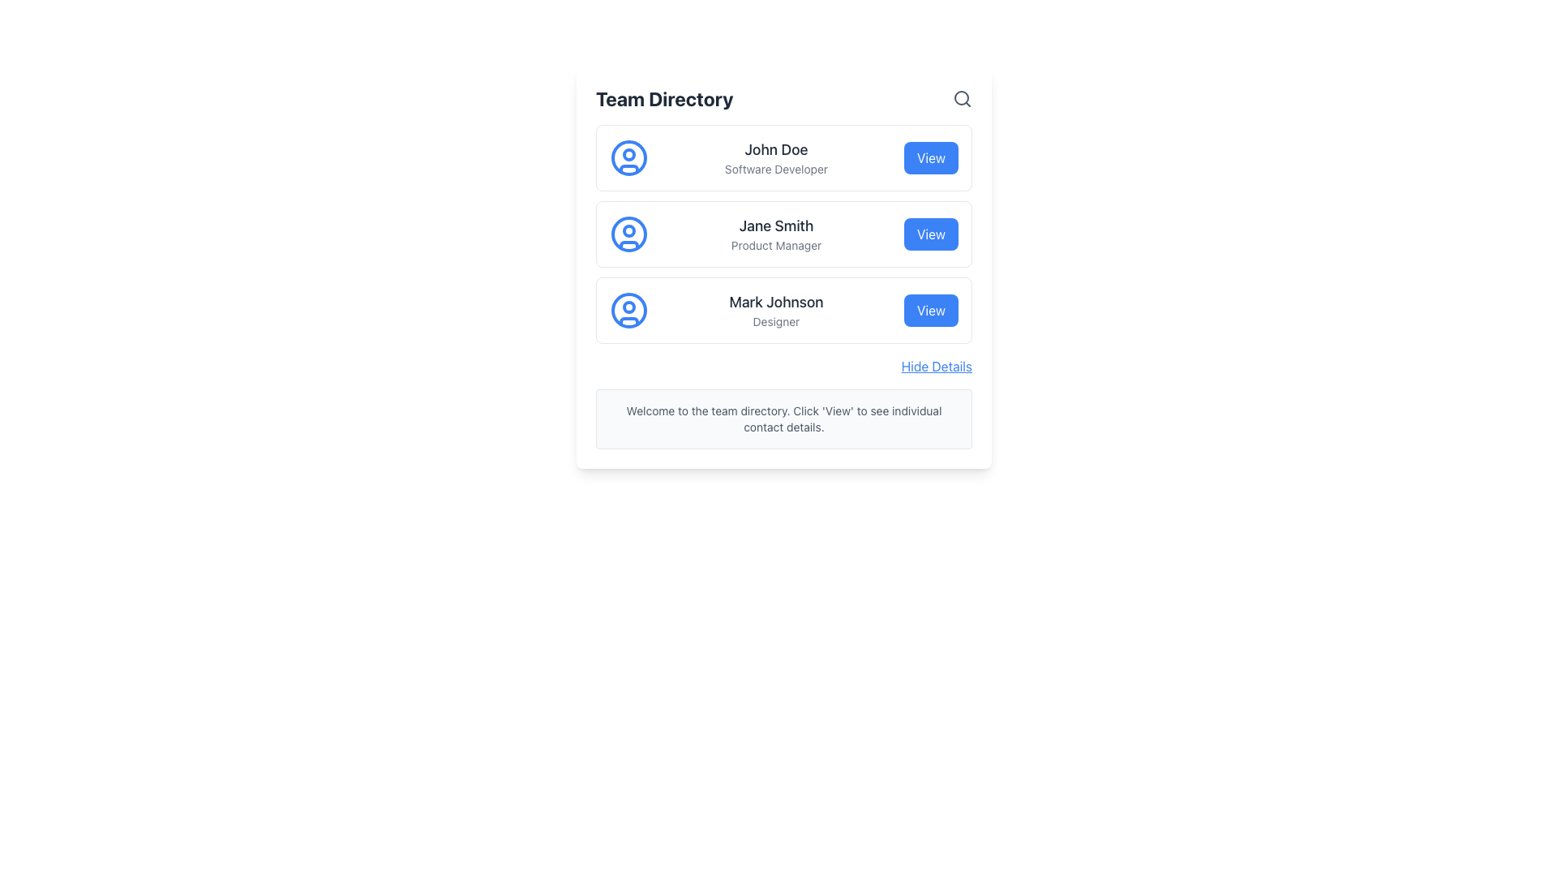 This screenshot has height=876, width=1557. Describe the element at coordinates (931, 234) in the screenshot. I see `the blue 'View' button with white text located in the second row of the 'Team Directory', positioned to the far-right of the row next to the user profile icon` at that location.